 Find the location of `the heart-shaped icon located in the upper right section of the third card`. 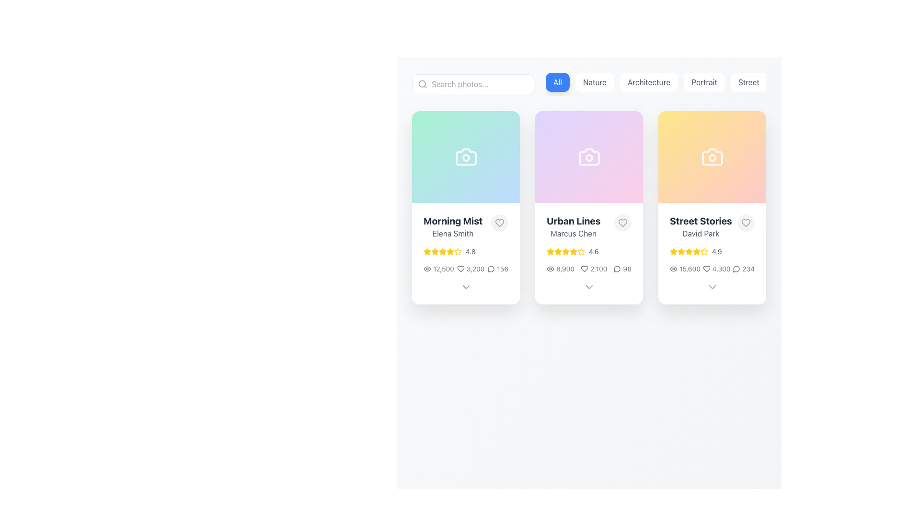

the heart-shaped icon located in the upper right section of the third card is located at coordinates (745, 223).